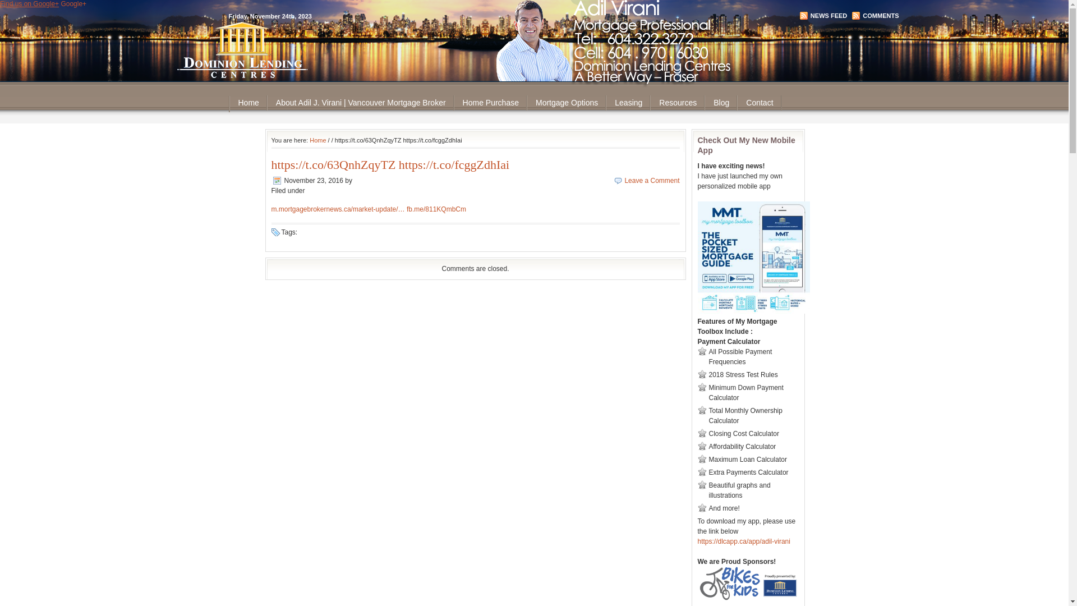 The width and height of the screenshot is (1077, 606). Describe the element at coordinates (527, 103) in the screenshot. I see `'Mortgage Options'` at that location.